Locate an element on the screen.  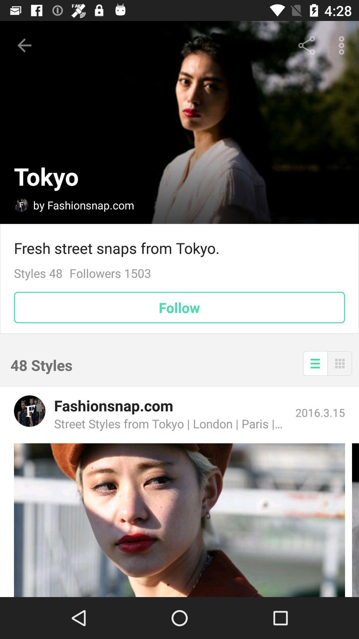
follow icon is located at coordinates (179, 307).